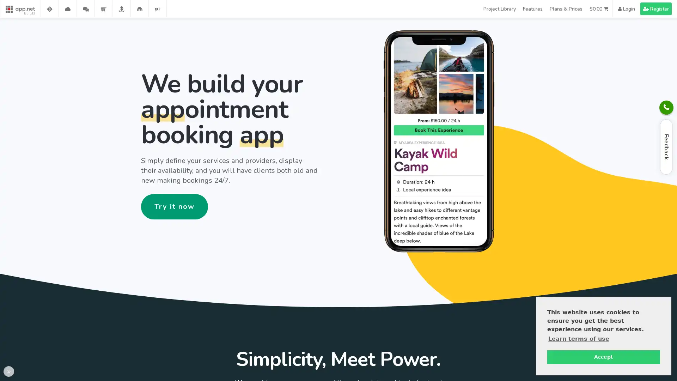 This screenshot has width=677, height=381. What do you see at coordinates (579, 338) in the screenshot?
I see `learn more about cookies` at bounding box center [579, 338].